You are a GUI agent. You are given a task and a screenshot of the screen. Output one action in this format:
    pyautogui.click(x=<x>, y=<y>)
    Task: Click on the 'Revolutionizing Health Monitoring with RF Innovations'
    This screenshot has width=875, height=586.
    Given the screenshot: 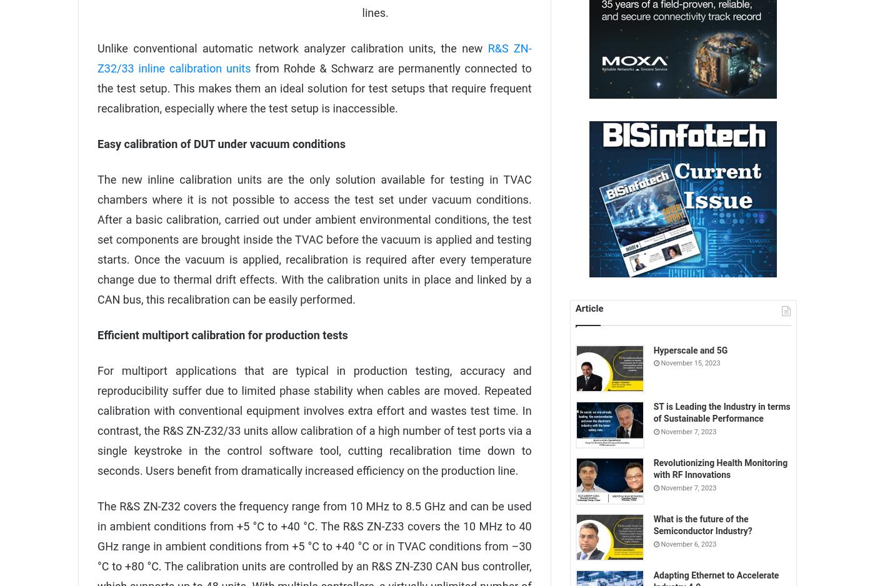 What is the action you would take?
    pyautogui.click(x=720, y=469)
    